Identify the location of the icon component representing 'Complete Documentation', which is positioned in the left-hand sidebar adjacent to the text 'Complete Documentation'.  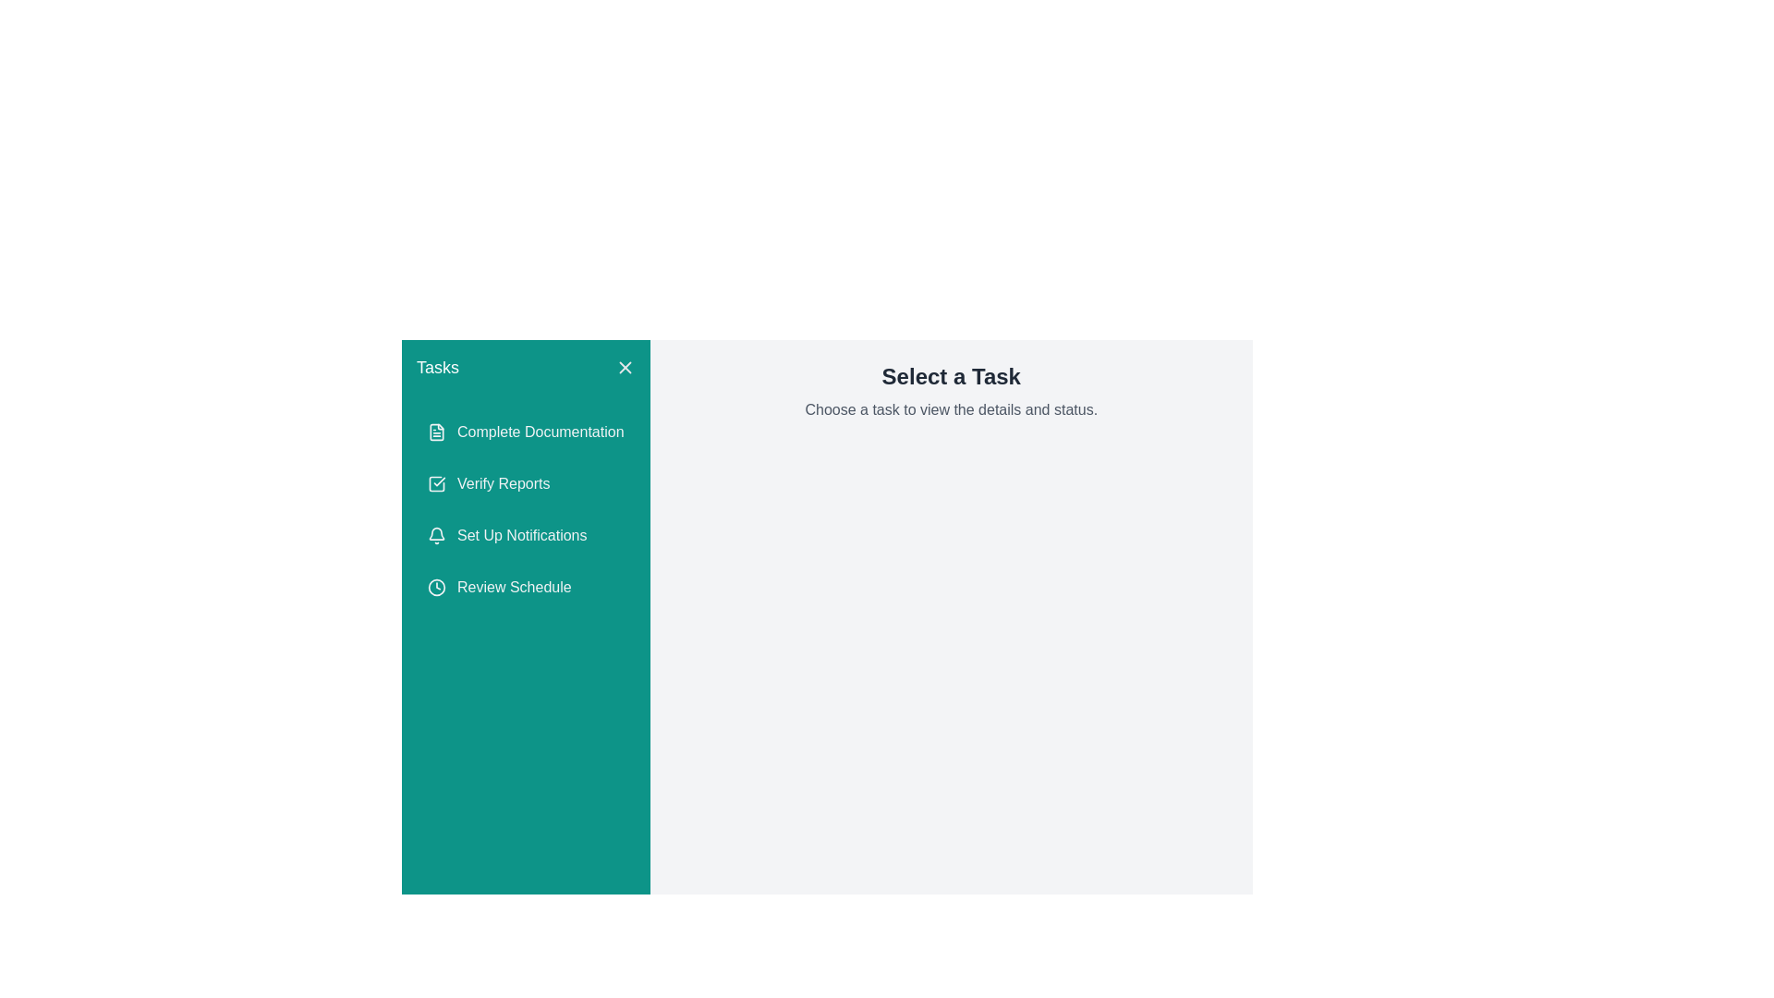
(436, 432).